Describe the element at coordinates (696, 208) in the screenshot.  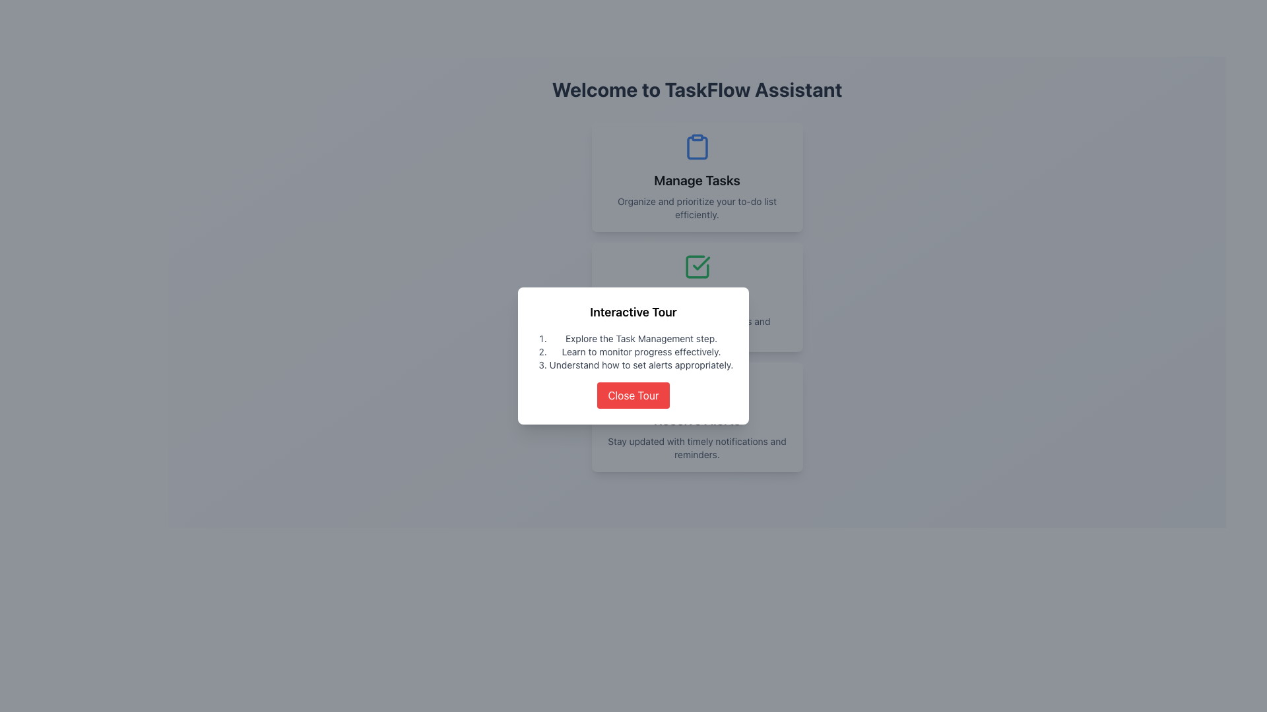
I see `text label that describes the feature: 'Organize and prioritize your to-do list efficiently.'` at that location.